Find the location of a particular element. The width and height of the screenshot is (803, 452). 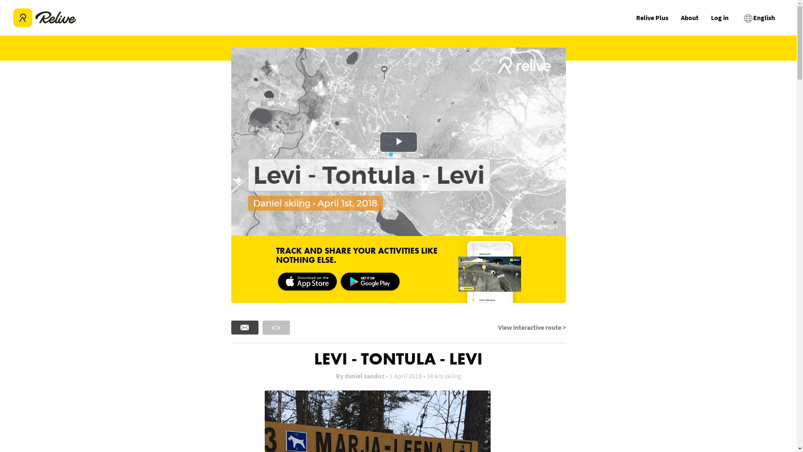

'Play Video' is located at coordinates (379, 141).